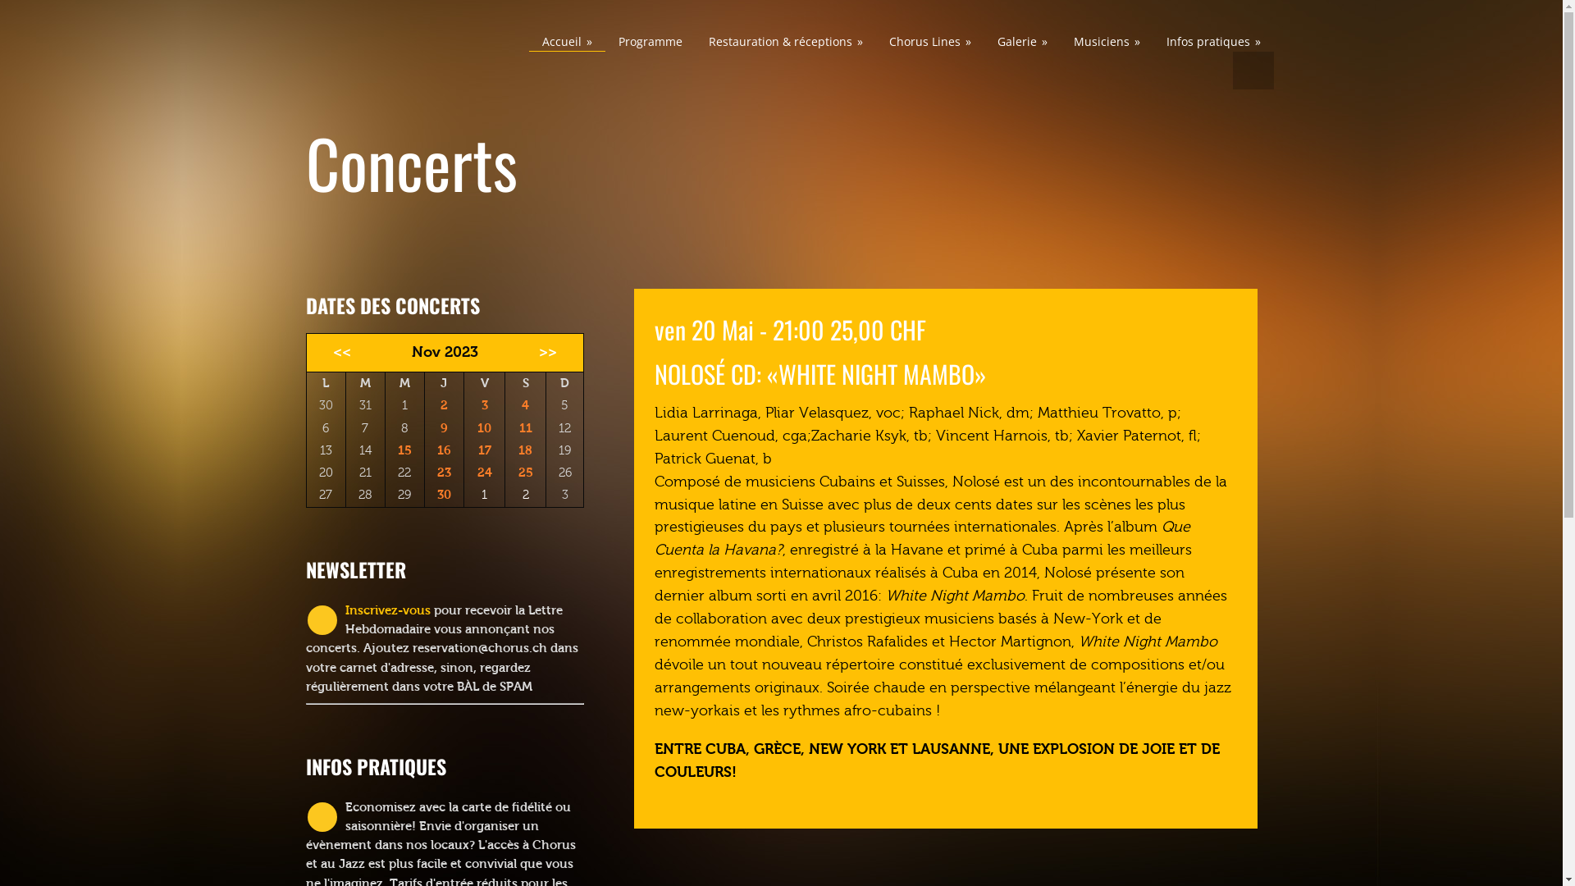  What do you see at coordinates (444, 404) in the screenshot?
I see `'2'` at bounding box center [444, 404].